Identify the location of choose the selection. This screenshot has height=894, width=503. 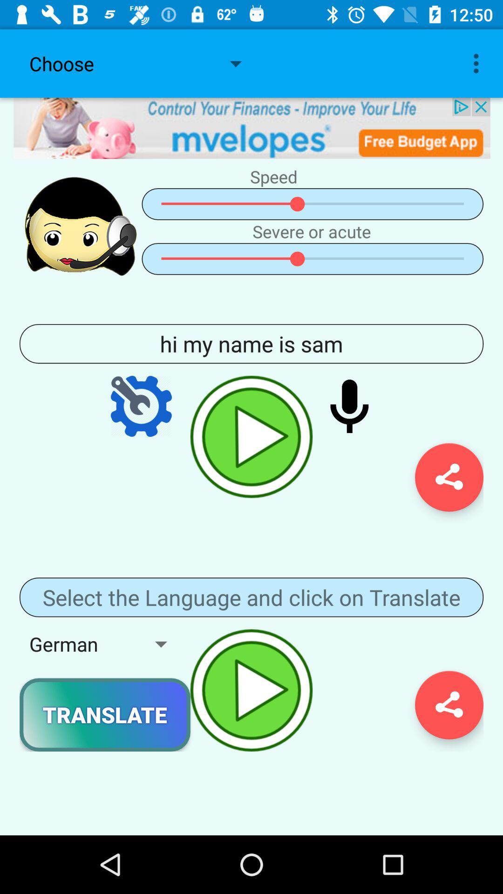
(251, 128).